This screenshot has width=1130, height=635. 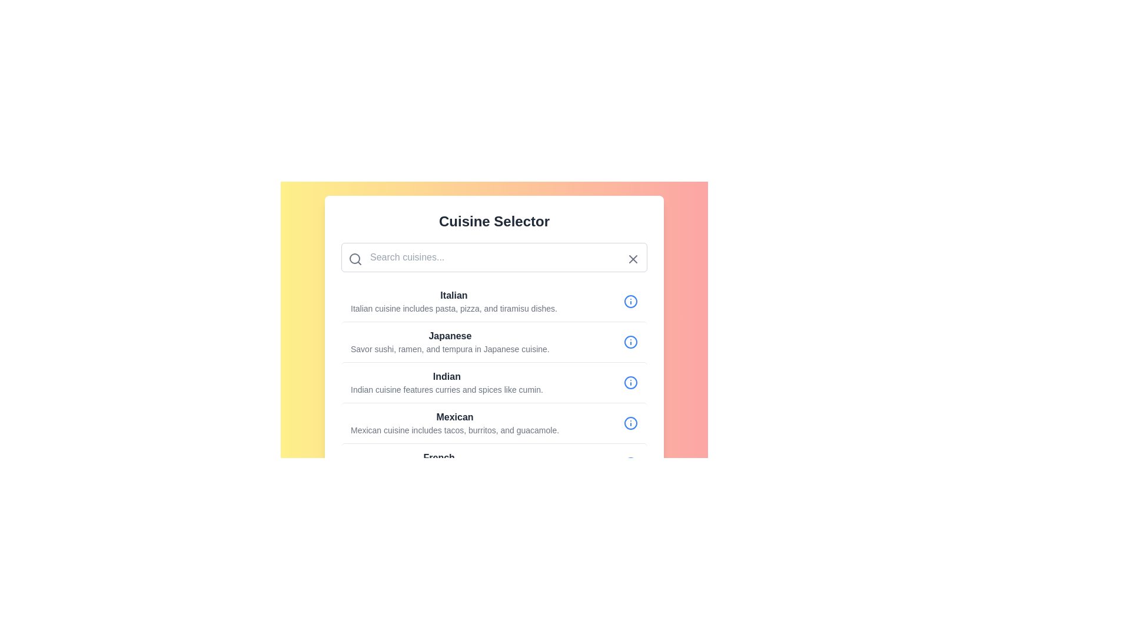 What do you see at coordinates (630, 301) in the screenshot?
I see `the informational icon positioned on the rightmost side of the 'Italian' item in the list` at bounding box center [630, 301].